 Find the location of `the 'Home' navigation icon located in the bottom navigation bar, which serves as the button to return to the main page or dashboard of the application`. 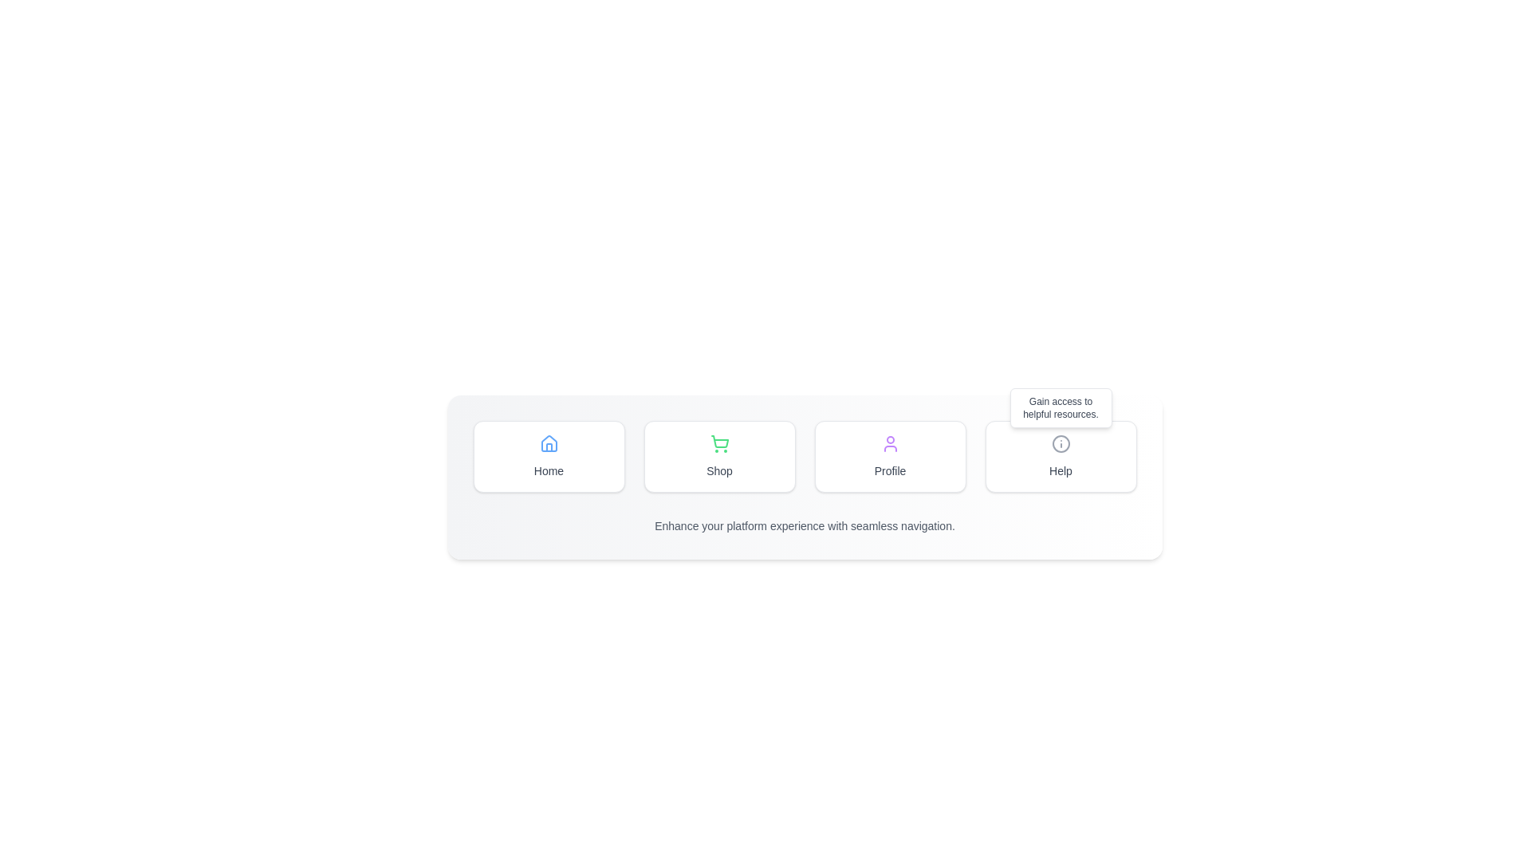

the 'Home' navigation icon located in the bottom navigation bar, which serves as the button to return to the main page or dashboard of the application is located at coordinates (549, 443).